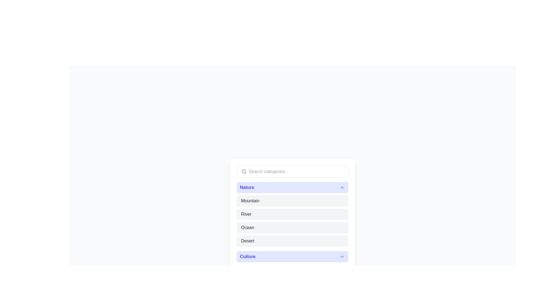 The image size is (536, 301). I want to click on the text label that displays 'Desert', so click(247, 241).